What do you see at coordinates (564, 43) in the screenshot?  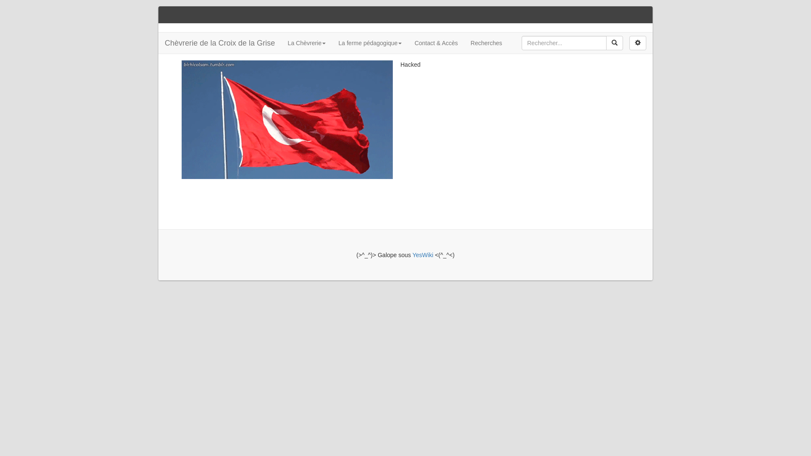 I see `'Rechercher dans YesWiki [alt-shift-C]'` at bounding box center [564, 43].